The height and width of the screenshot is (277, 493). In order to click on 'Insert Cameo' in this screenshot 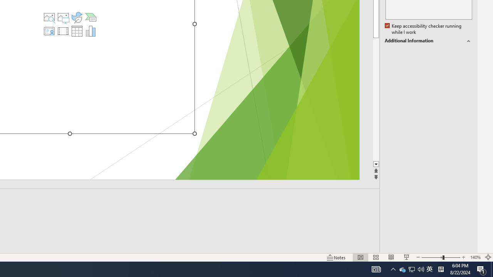, I will do `click(49, 31)`.